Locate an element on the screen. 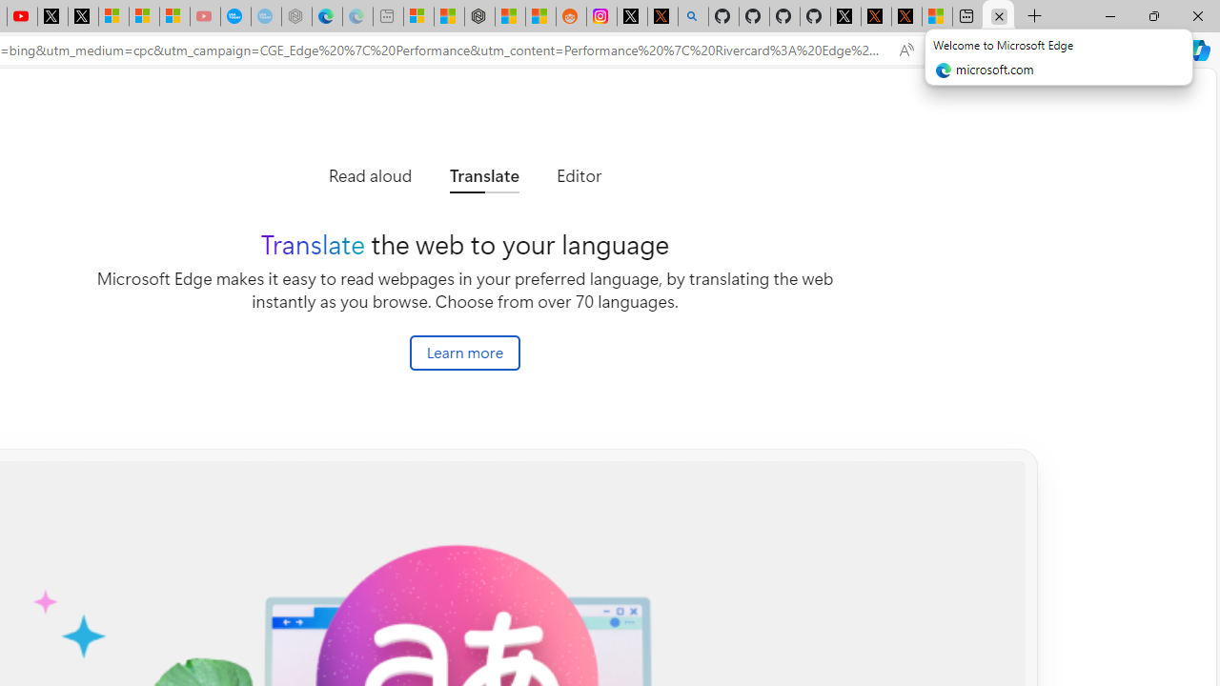 Image resolution: width=1220 pixels, height=686 pixels. 'Nordace - Nordace has arrived Hong Kong - Sleeping' is located at coordinates (295, 16).